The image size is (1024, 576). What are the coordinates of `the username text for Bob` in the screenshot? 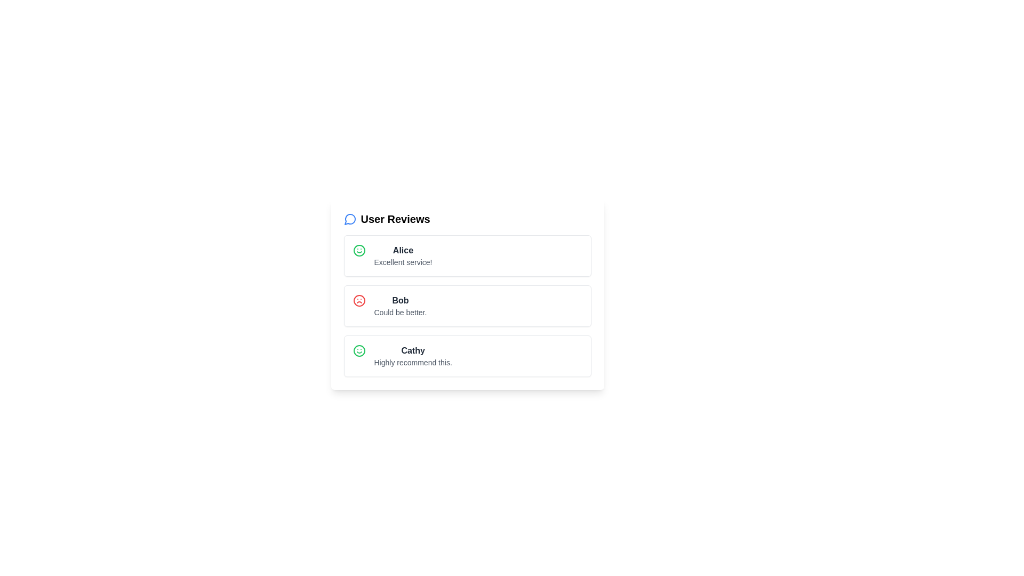 It's located at (399, 300).